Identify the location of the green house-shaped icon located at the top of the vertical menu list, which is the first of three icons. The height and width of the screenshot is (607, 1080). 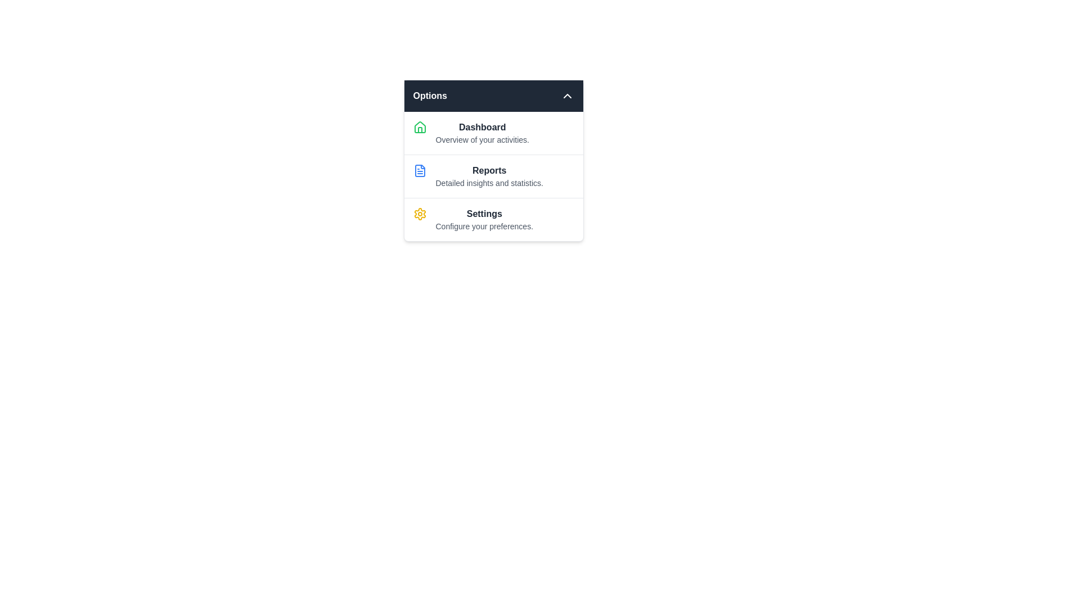
(419, 126).